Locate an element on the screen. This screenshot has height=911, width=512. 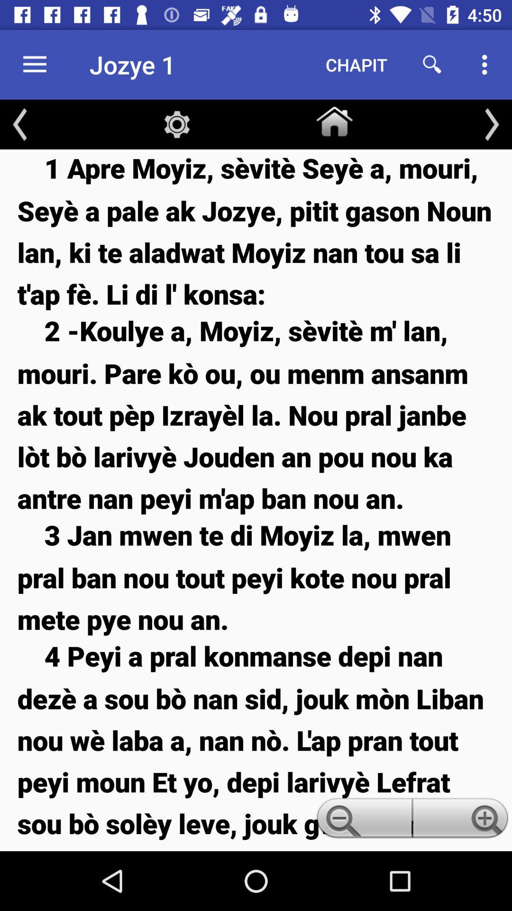
the item next to chapit is located at coordinates (432, 64).